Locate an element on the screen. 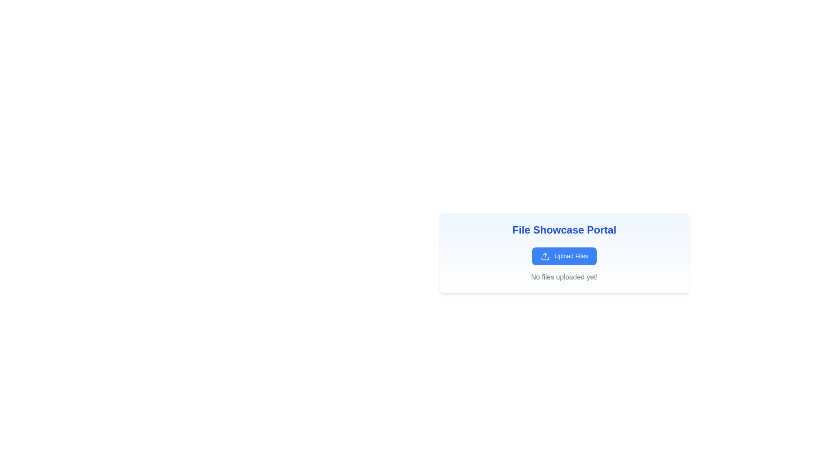 The height and width of the screenshot is (468, 832). the blue rectangular button containing the upload icon, which is located to the left of the 'Upload Files' text in the 'File Showcase Portal' section is located at coordinates (544, 256).